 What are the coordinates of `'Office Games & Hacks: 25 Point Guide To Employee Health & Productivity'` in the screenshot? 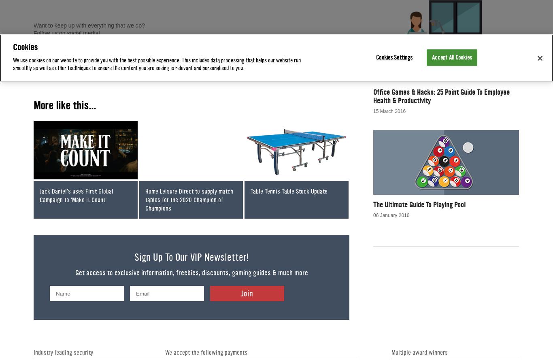 It's located at (441, 96).